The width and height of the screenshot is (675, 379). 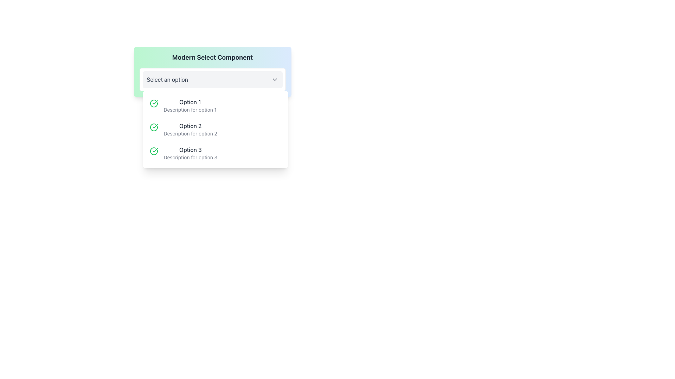 I want to click on the second option in the dropdown menu labeled 'Select an option', so click(x=215, y=129).